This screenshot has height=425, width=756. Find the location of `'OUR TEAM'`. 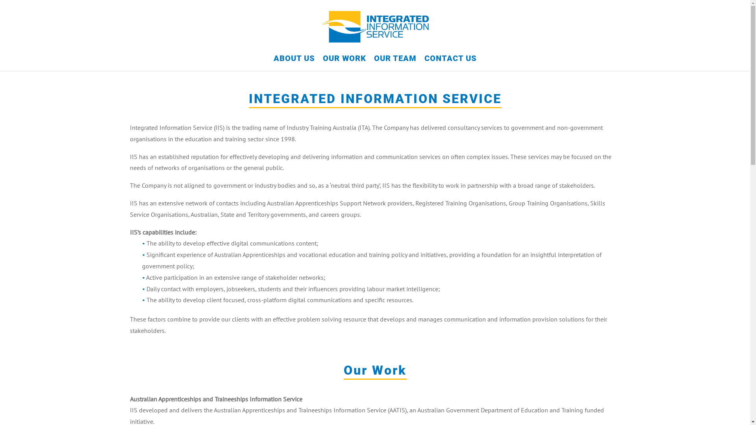

'OUR TEAM' is located at coordinates (395, 62).